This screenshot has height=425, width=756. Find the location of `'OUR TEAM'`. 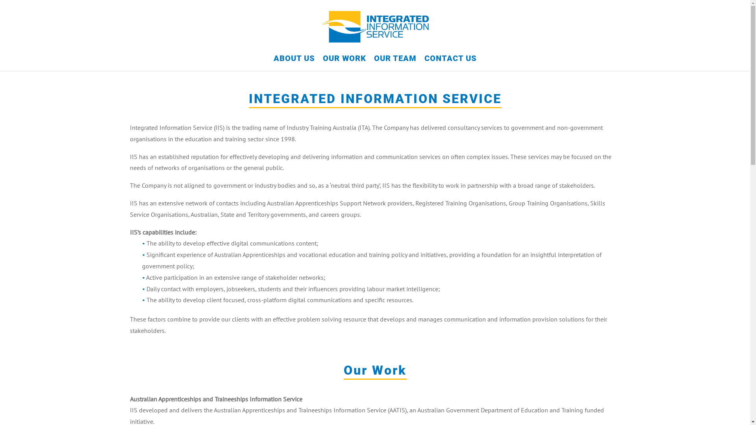

'OUR TEAM' is located at coordinates (395, 62).